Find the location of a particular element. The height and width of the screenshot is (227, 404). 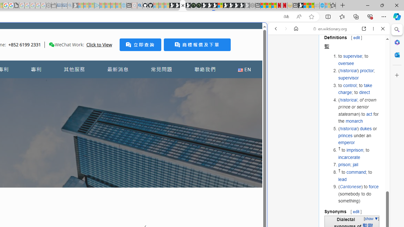

'en.wiktionary.org' is located at coordinates (330, 29).